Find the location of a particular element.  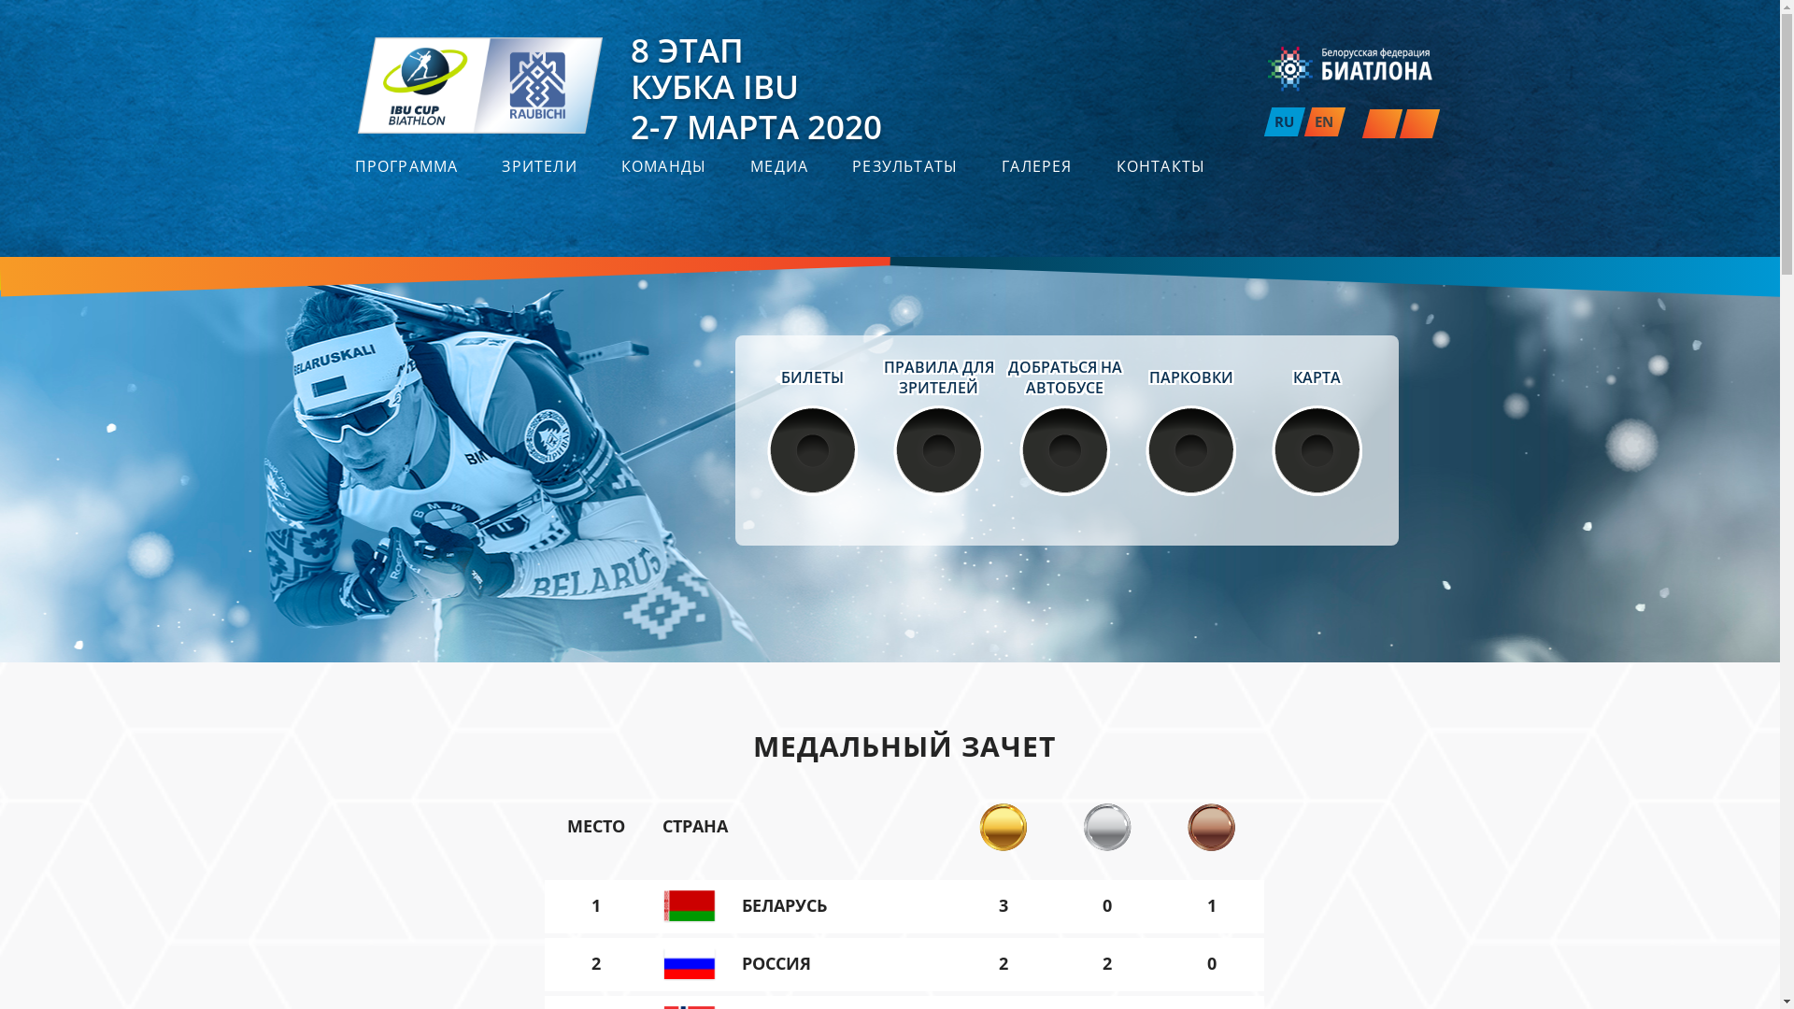

'instagram' is located at coordinates (1378, 122).